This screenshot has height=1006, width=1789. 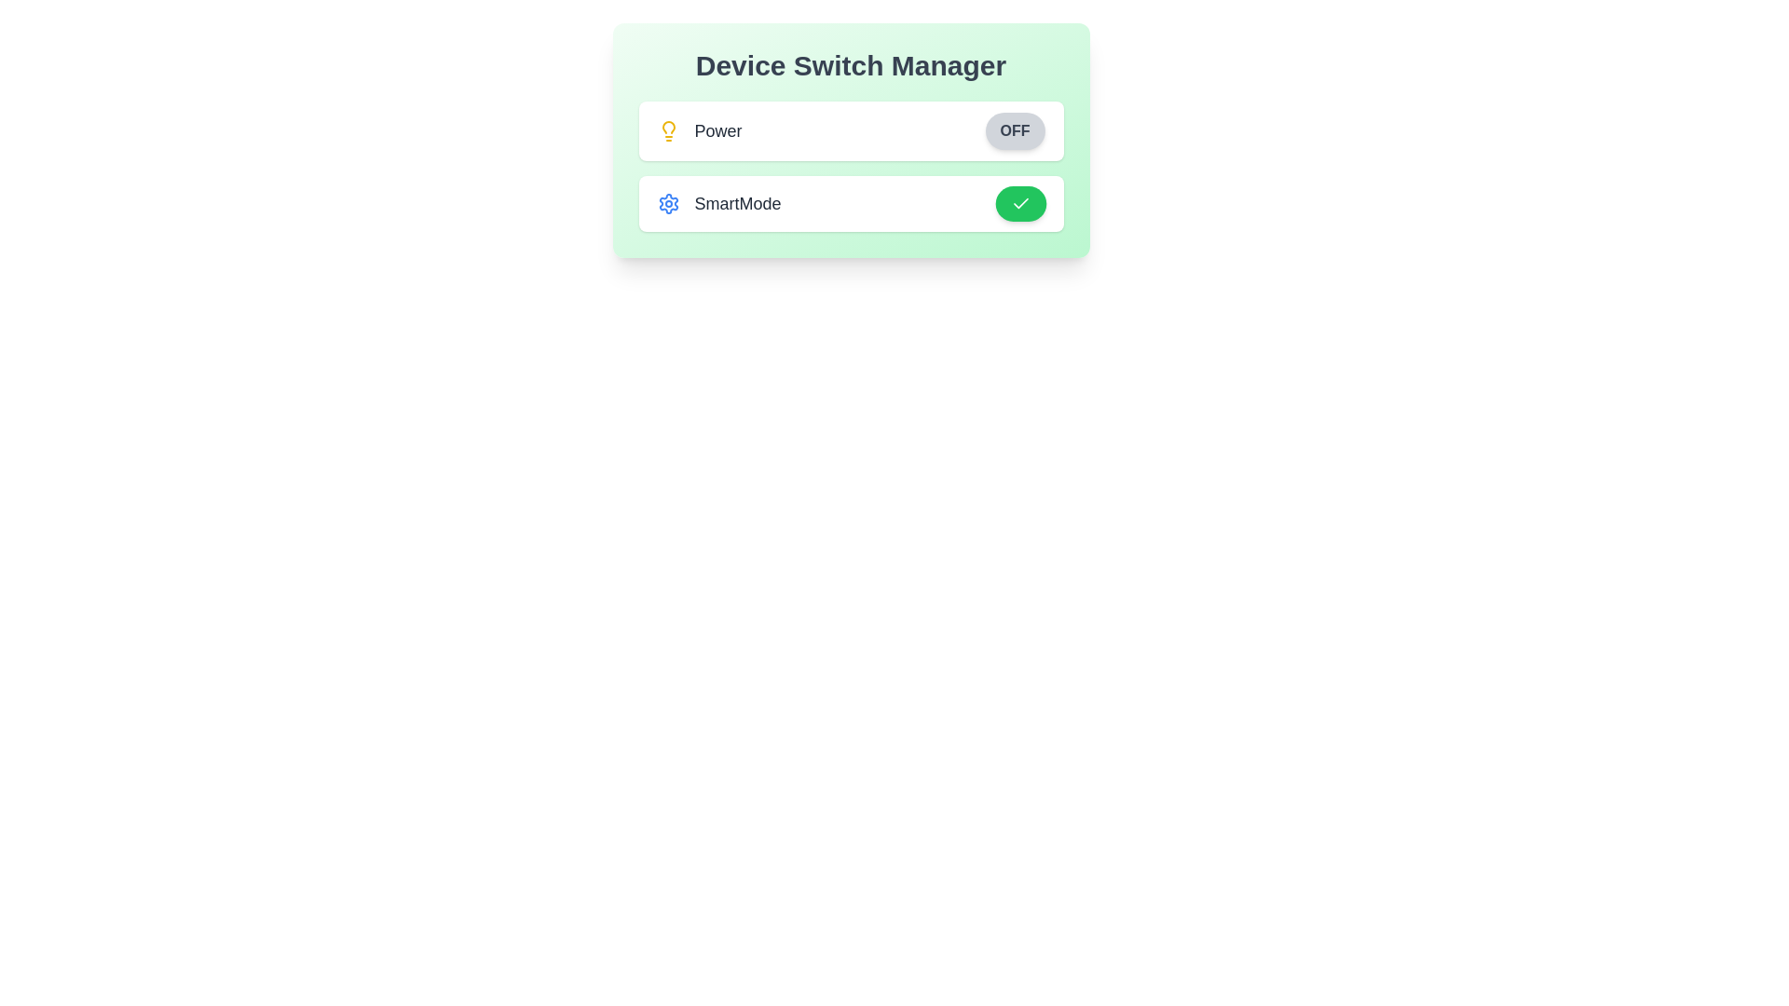 What do you see at coordinates (1019, 204) in the screenshot?
I see `'SmartMode' toggle button to change its state` at bounding box center [1019, 204].